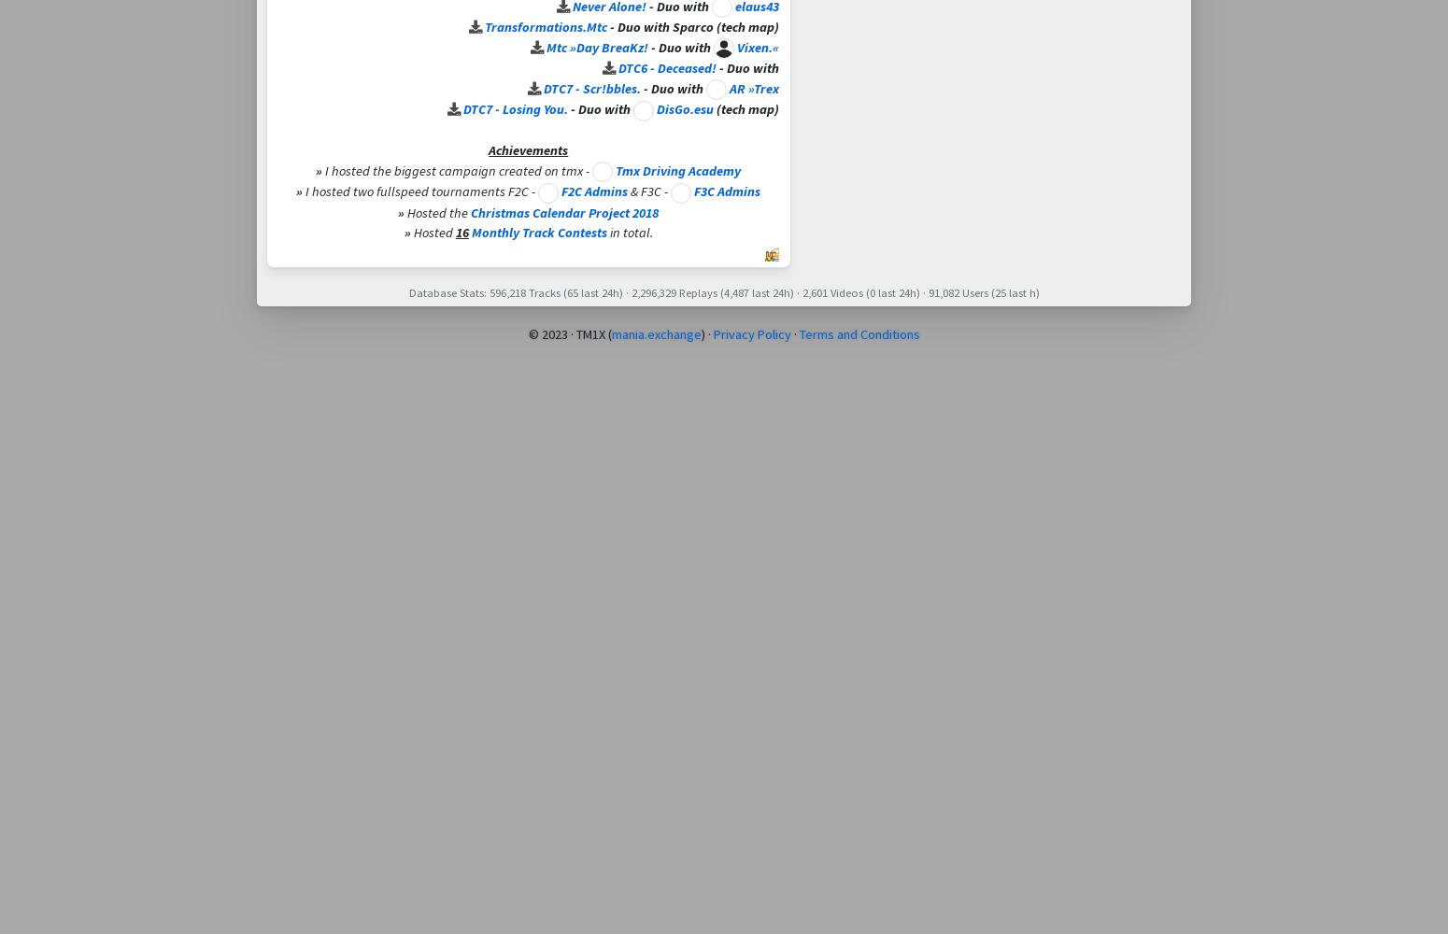  I want to click on 'F3C Admins', so click(694, 191).